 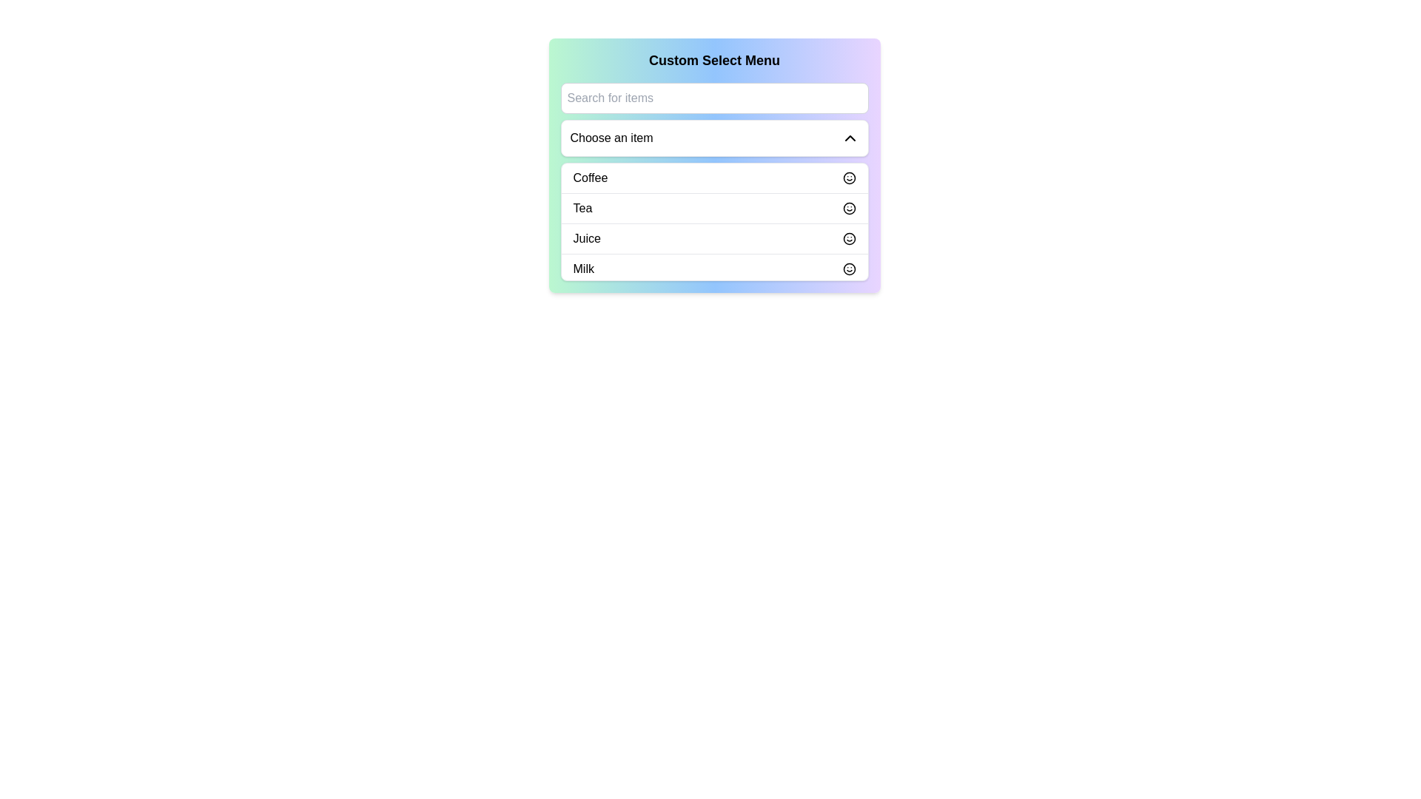 What do you see at coordinates (586, 238) in the screenshot?
I see `the 'Juice' option in the dropdown menu under 'Custom Select Menu', which is the third item in the list` at bounding box center [586, 238].